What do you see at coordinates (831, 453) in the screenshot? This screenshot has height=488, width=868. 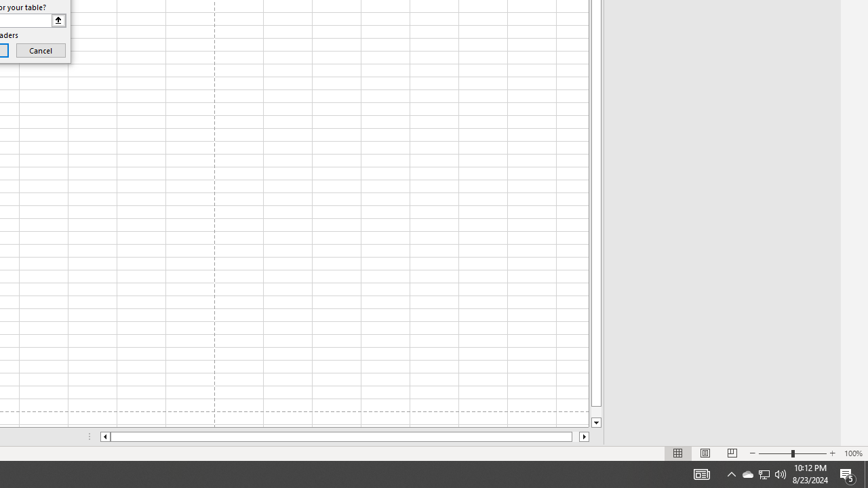 I see `'Zoom In'` at bounding box center [831, 453].